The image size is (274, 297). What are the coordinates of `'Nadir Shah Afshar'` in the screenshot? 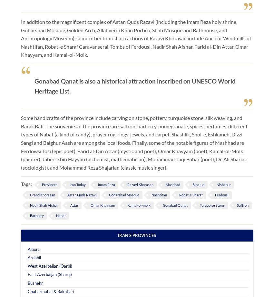 It's located at (29, 205).